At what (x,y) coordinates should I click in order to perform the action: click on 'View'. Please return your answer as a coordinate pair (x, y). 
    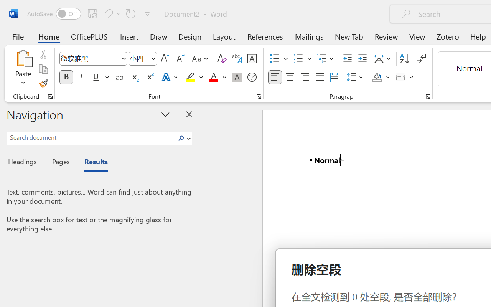
    Looking at the image, I should click on (417, 36).